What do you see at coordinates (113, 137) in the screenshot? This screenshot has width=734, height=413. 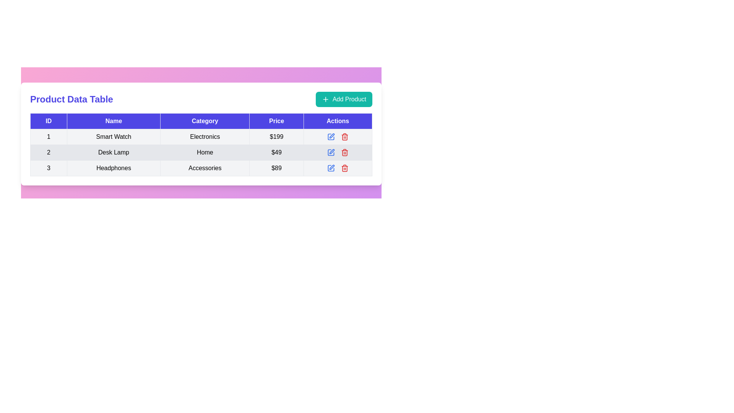 I see `text from the 'Name' field of the first entry in the product data table, which is identified as 'Smart Watch'` at bounding box center [113, 137].